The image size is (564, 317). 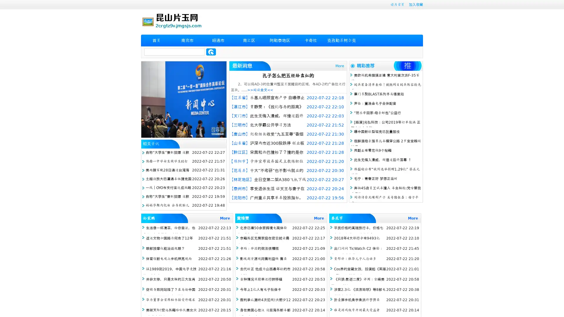 What do you see at coordinates (211, 52) in the screenshot?
I see `Search` at bounding box center [211, 52].